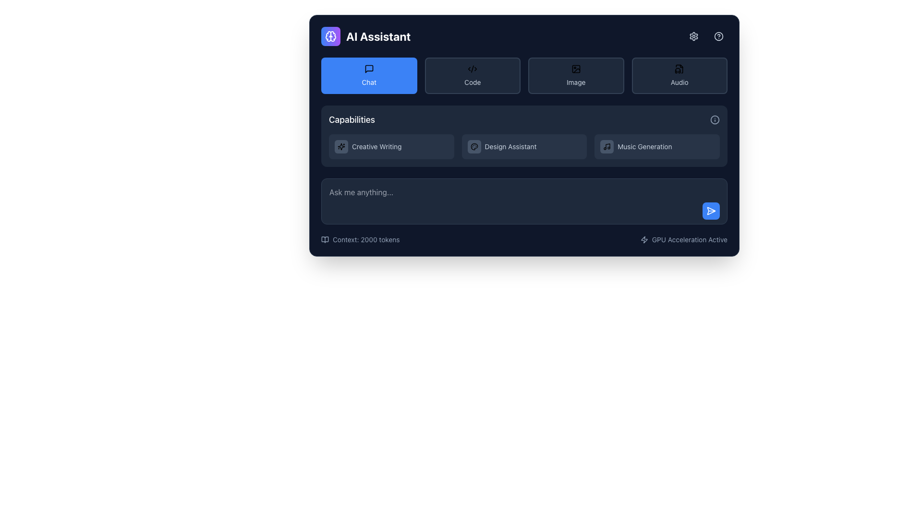 The width and height of the screenshot is (922, 518). Describe the element at coordinates (523, 146) in the screenshot. I see `the 'Design Assistant' button` at that location.